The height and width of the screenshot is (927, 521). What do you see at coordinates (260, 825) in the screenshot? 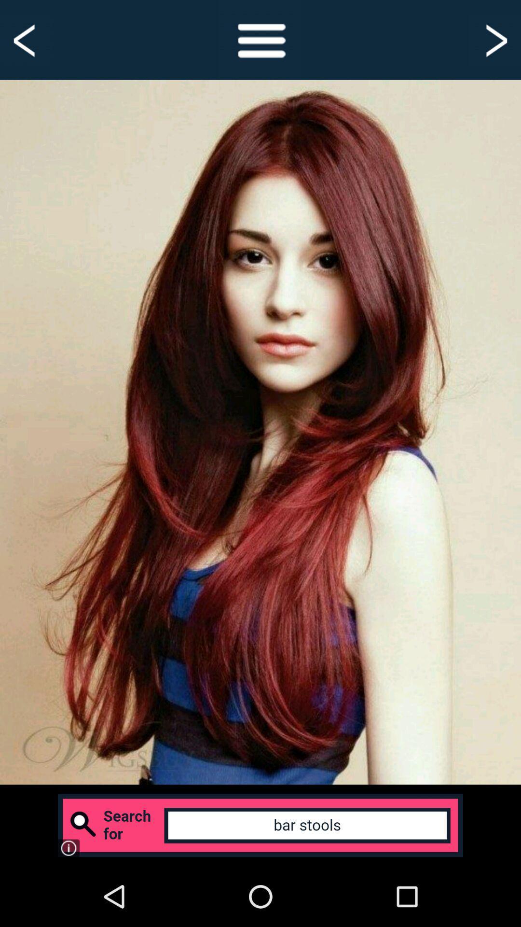
I see `click advertisement` at bounding box center [260, 825].